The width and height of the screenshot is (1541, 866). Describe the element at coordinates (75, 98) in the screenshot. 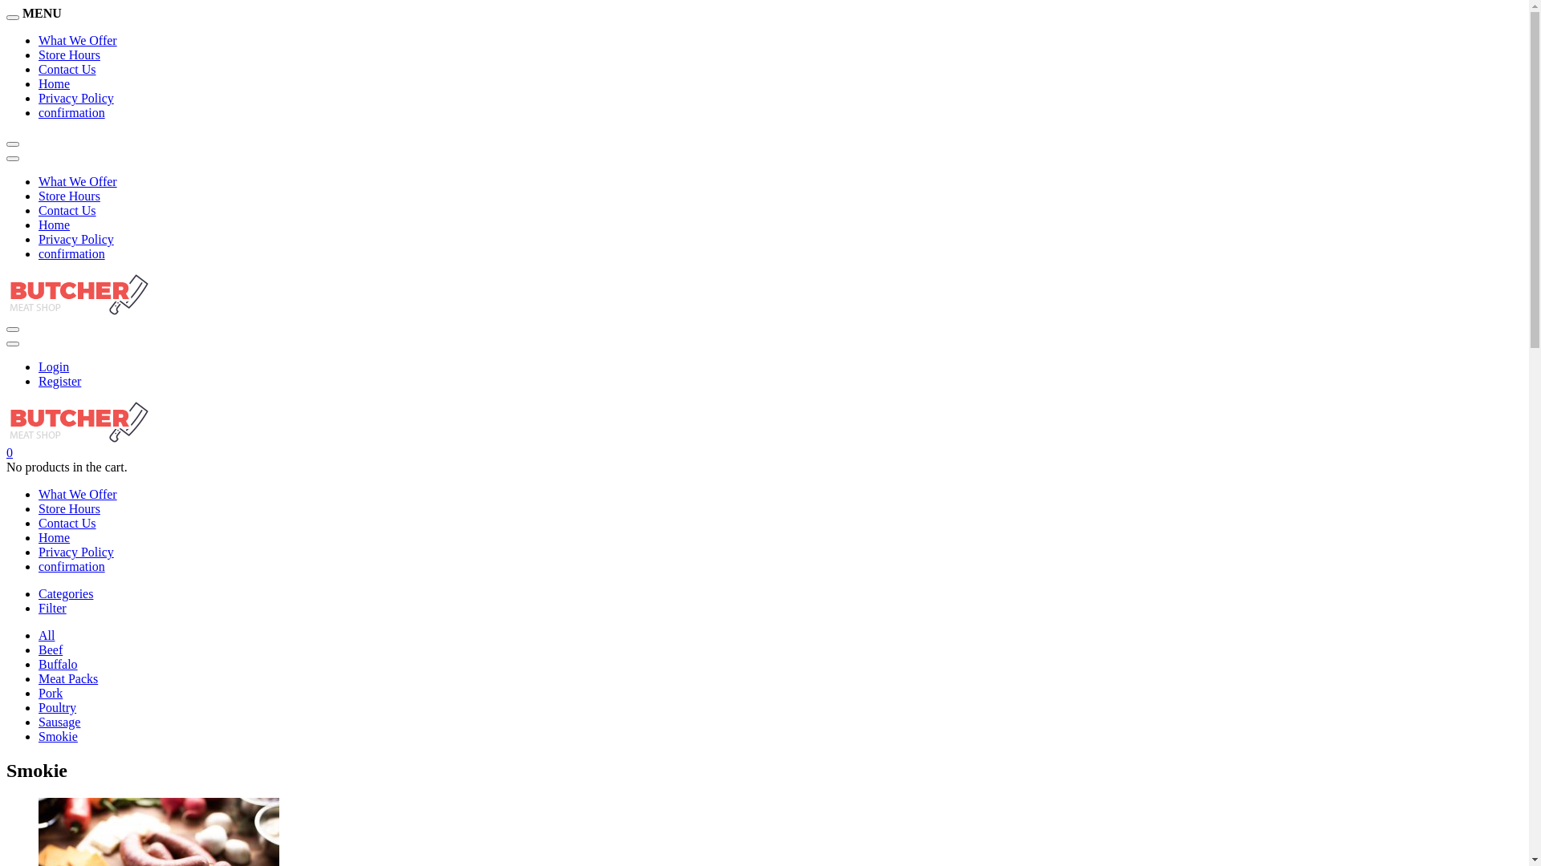

I see `'Privacy Policy'` at that location.